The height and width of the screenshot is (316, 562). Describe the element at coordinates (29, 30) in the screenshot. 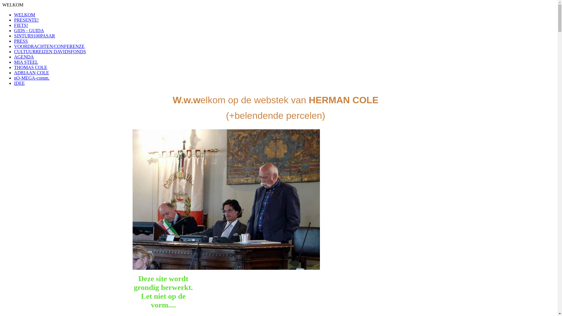

I see `'GIDS - GUIDA'` at that location.